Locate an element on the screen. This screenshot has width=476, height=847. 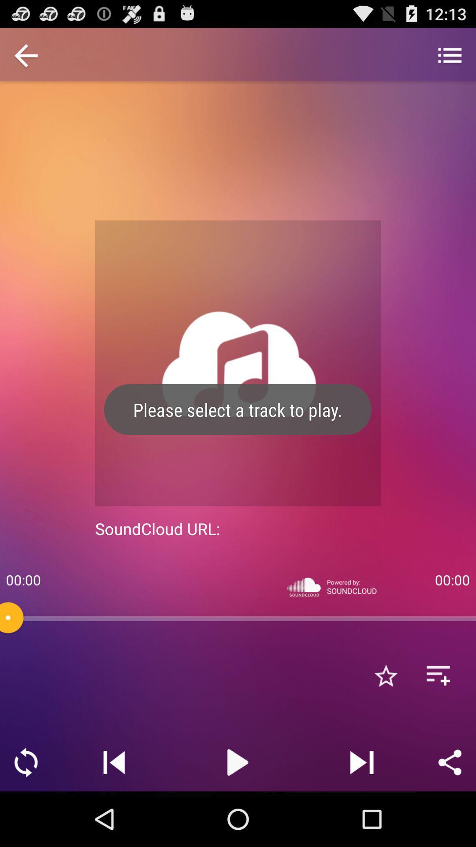
the refresh icon is located at coordinates (26, 815).